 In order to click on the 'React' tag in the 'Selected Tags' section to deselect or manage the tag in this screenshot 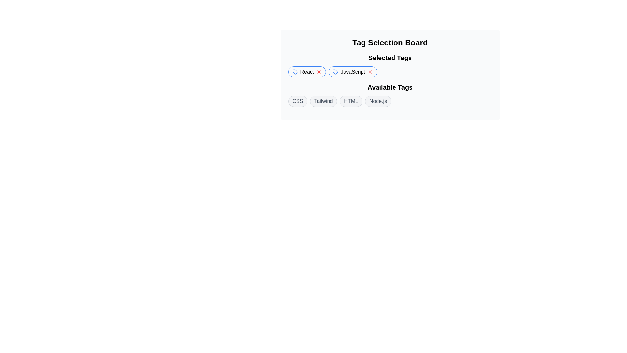, I will do `click(307, 72)`.